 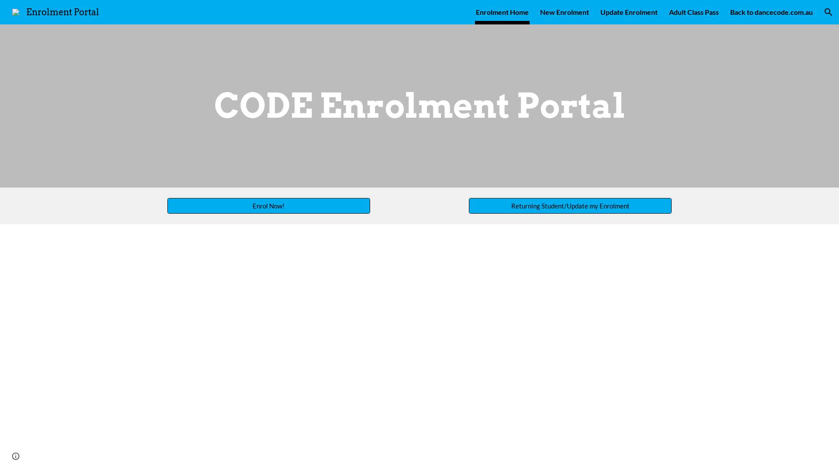 I want to click on 'New Enrolment', so click(x=564, y=12).